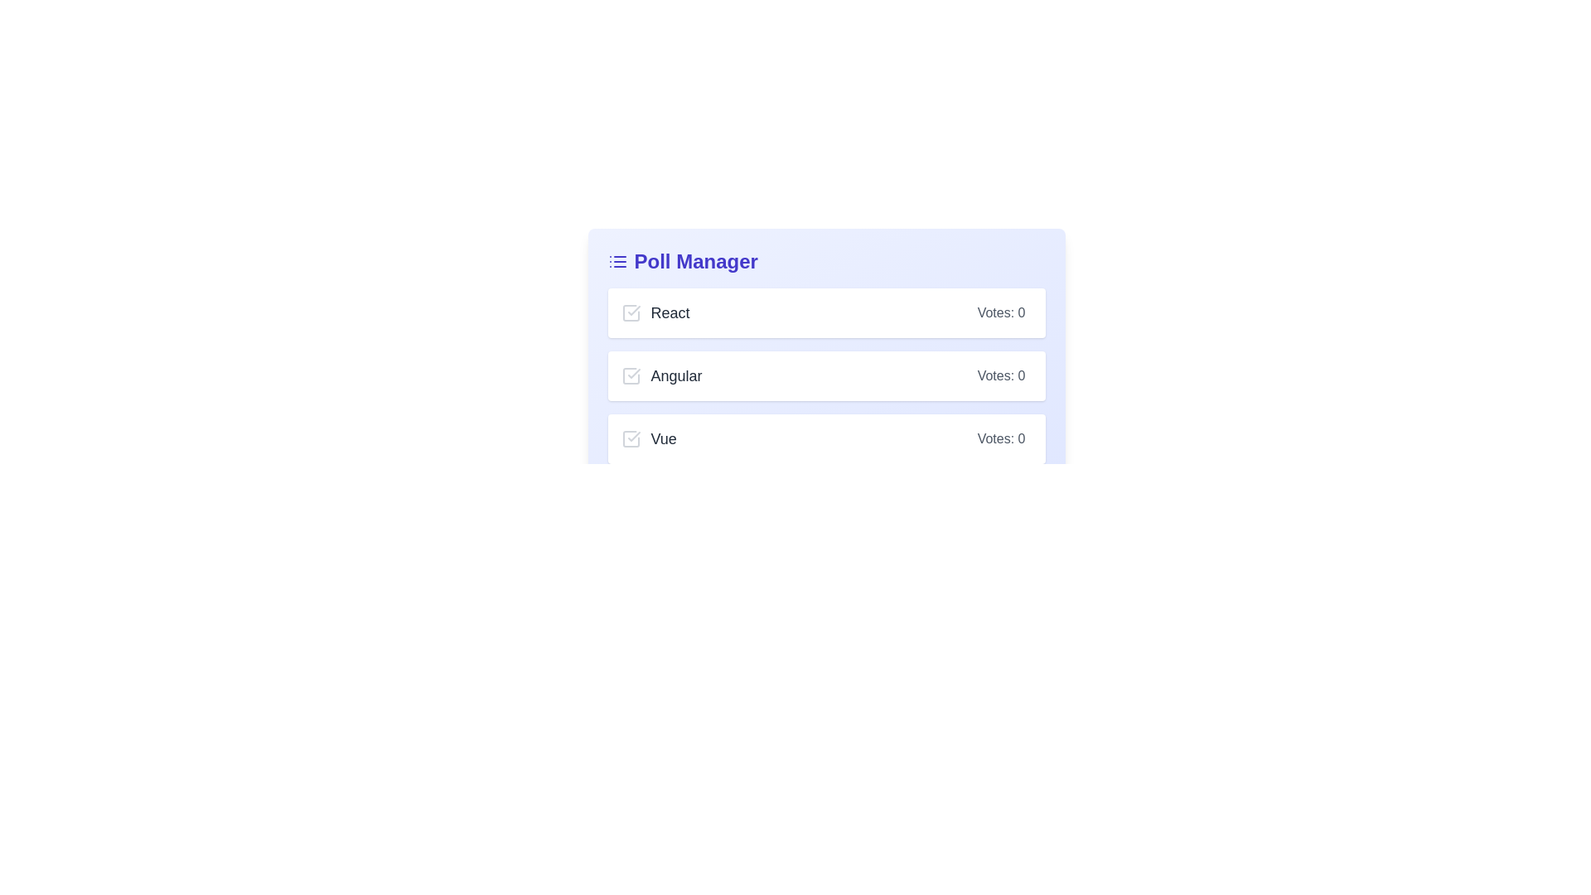 This screenshot has width=1591, height=895. I want to click on the SVG Icon located in the top-left corner of the 'Poll Manager' section, so click(617, 261).